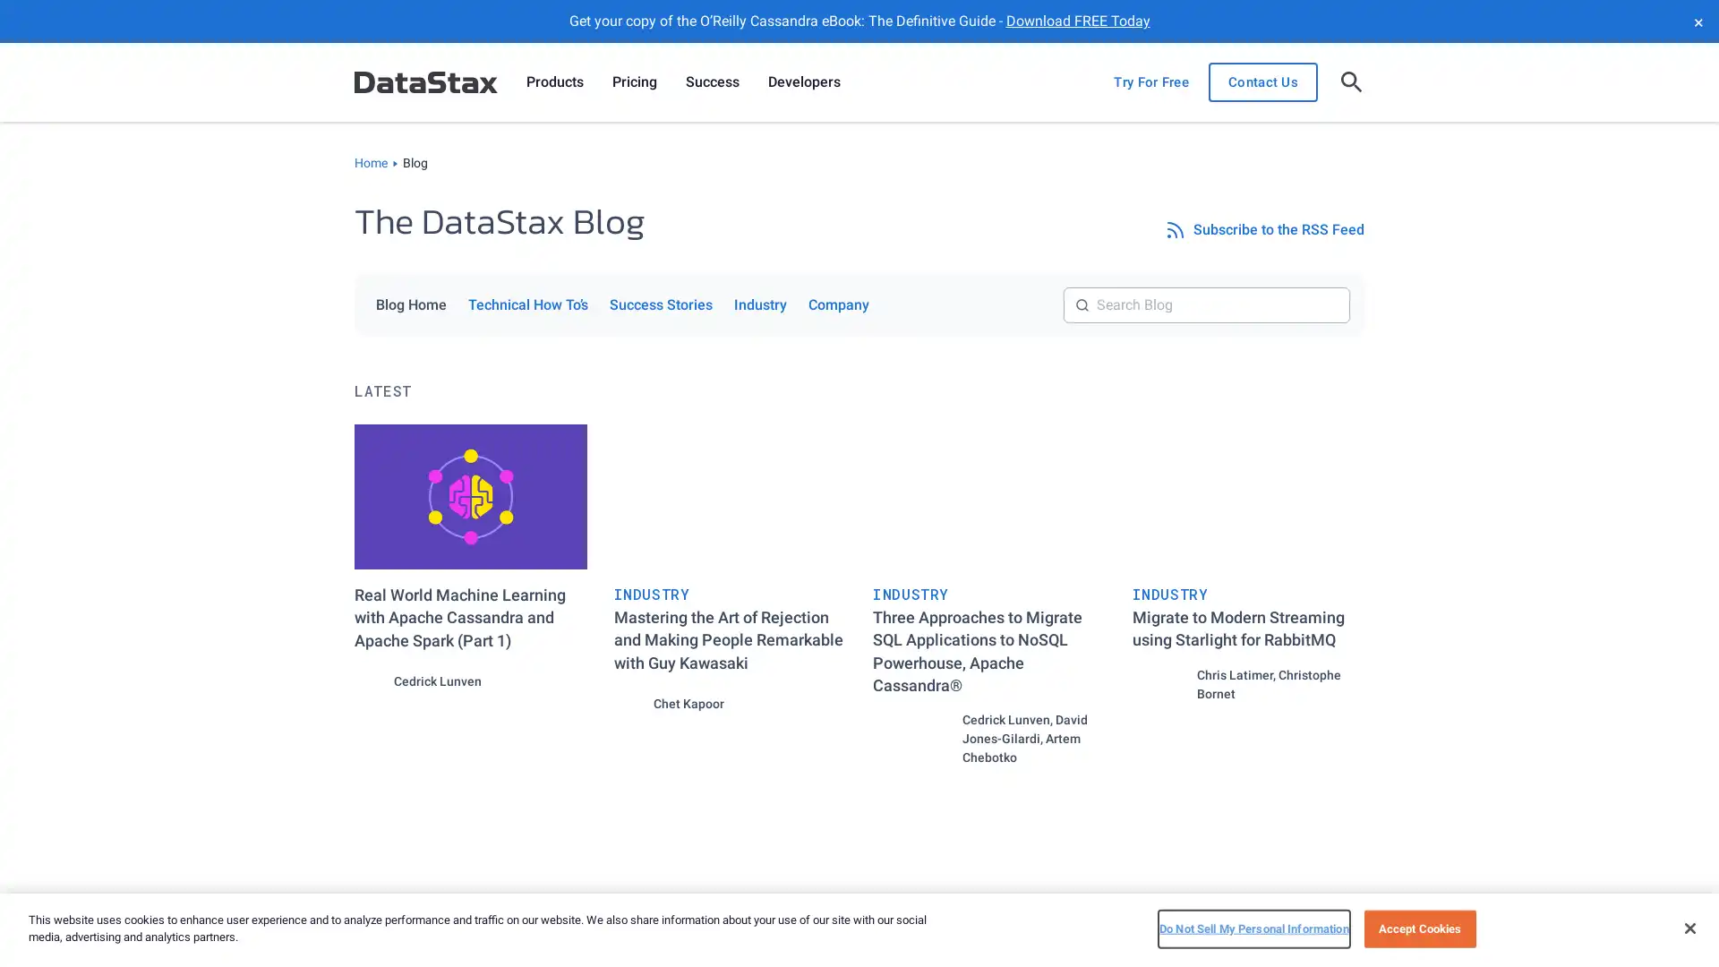 This screenshot has height=967, width=1719. What do you see at coordinates (1418, 928) in the screenshot?
I see `Accept Cookies` at bounding box center [1418, 928].